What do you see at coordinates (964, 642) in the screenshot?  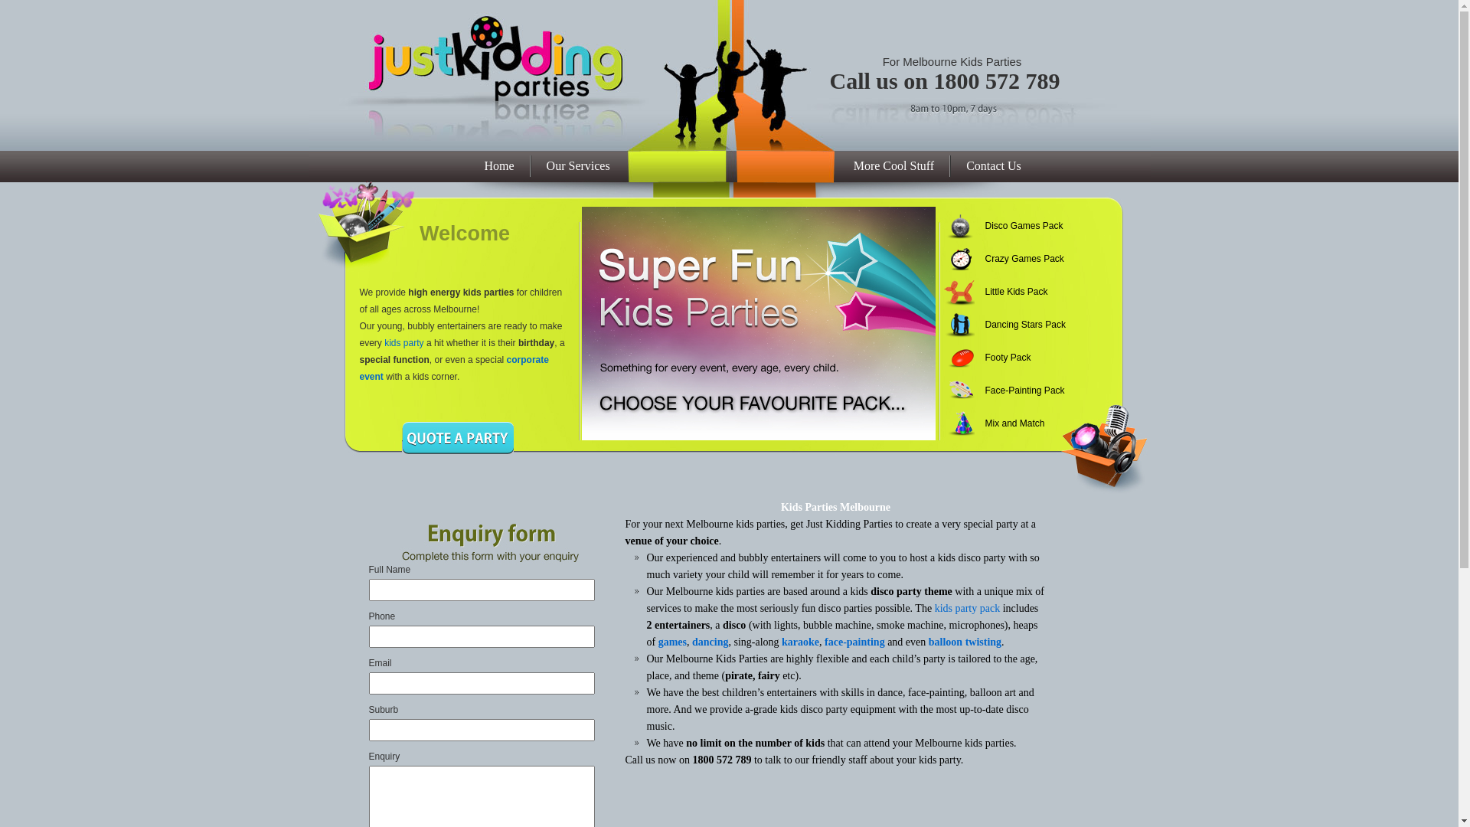 I see `'balloon twisting'` at bounding box center [964, 642].